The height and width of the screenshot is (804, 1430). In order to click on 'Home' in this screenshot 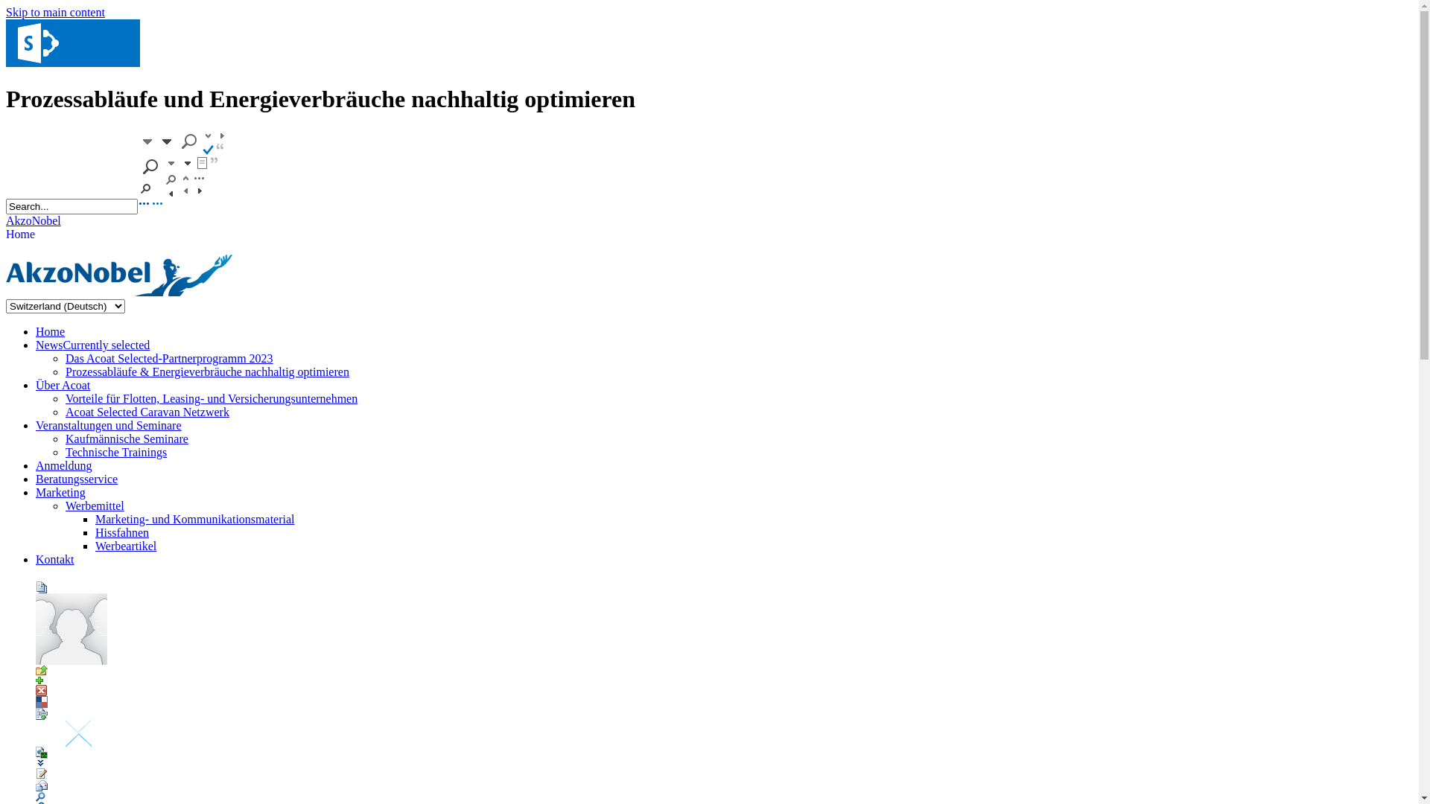, I will do `click(50, 331)`.